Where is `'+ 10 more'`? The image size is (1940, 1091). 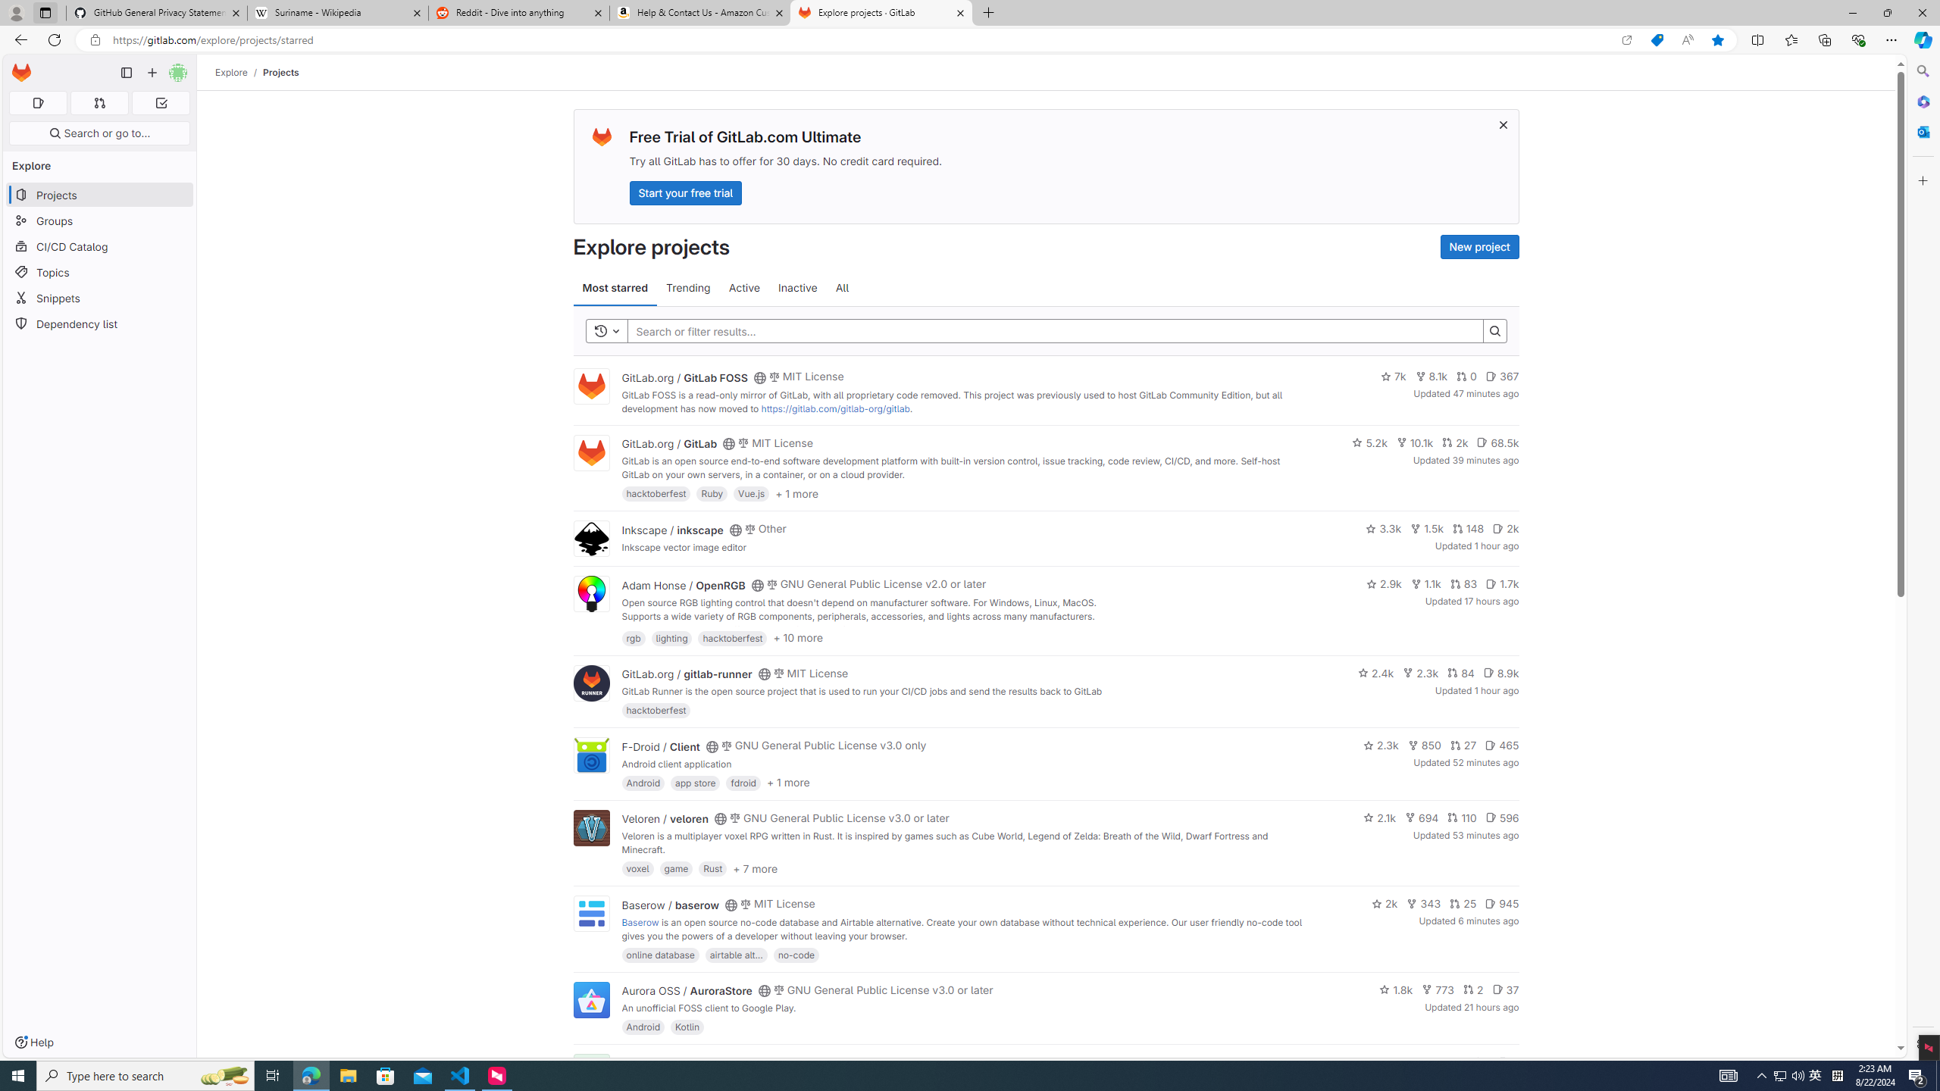 '+ 10 more' is located at coordinates (797, 636).